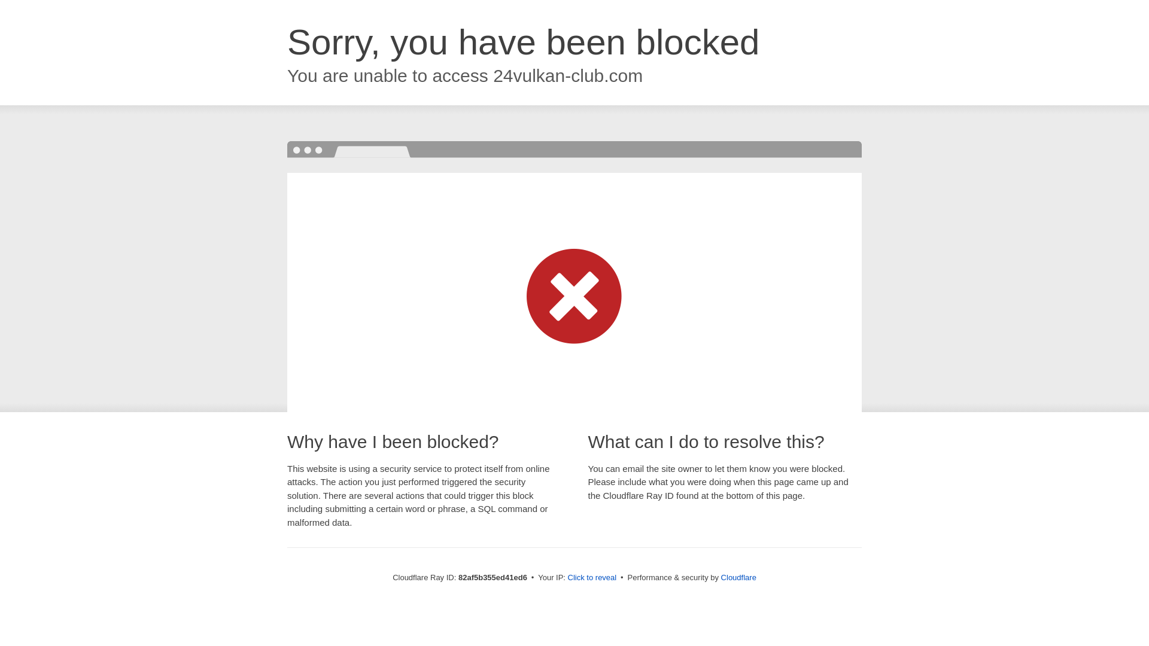 Image resolution: width=1149 pixels, height=646 pixels. Describe the element at coordinates (567, 577) in the screenshot. I see `'Click to reveal'` at that location.